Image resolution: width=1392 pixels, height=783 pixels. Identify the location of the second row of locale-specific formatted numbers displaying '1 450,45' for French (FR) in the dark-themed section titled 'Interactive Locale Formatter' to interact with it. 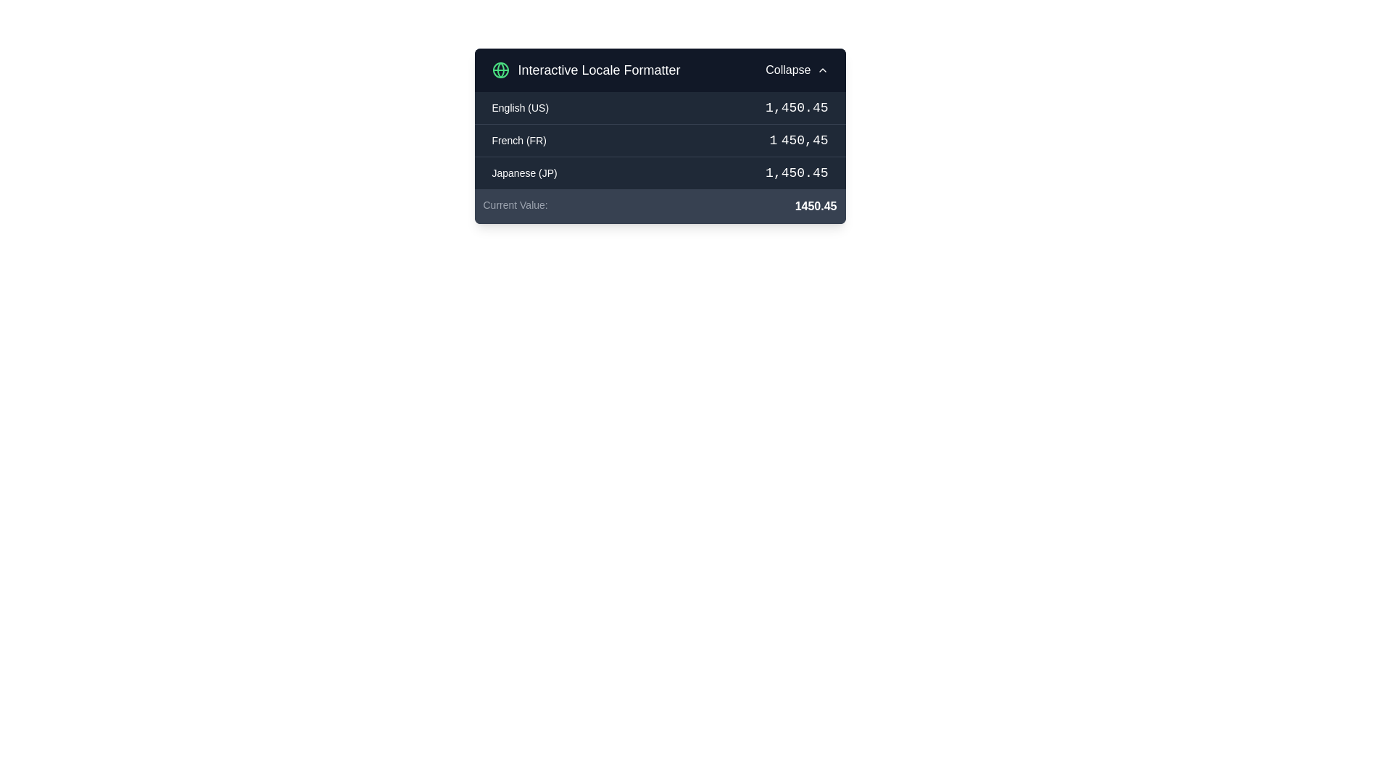
(659, 136).